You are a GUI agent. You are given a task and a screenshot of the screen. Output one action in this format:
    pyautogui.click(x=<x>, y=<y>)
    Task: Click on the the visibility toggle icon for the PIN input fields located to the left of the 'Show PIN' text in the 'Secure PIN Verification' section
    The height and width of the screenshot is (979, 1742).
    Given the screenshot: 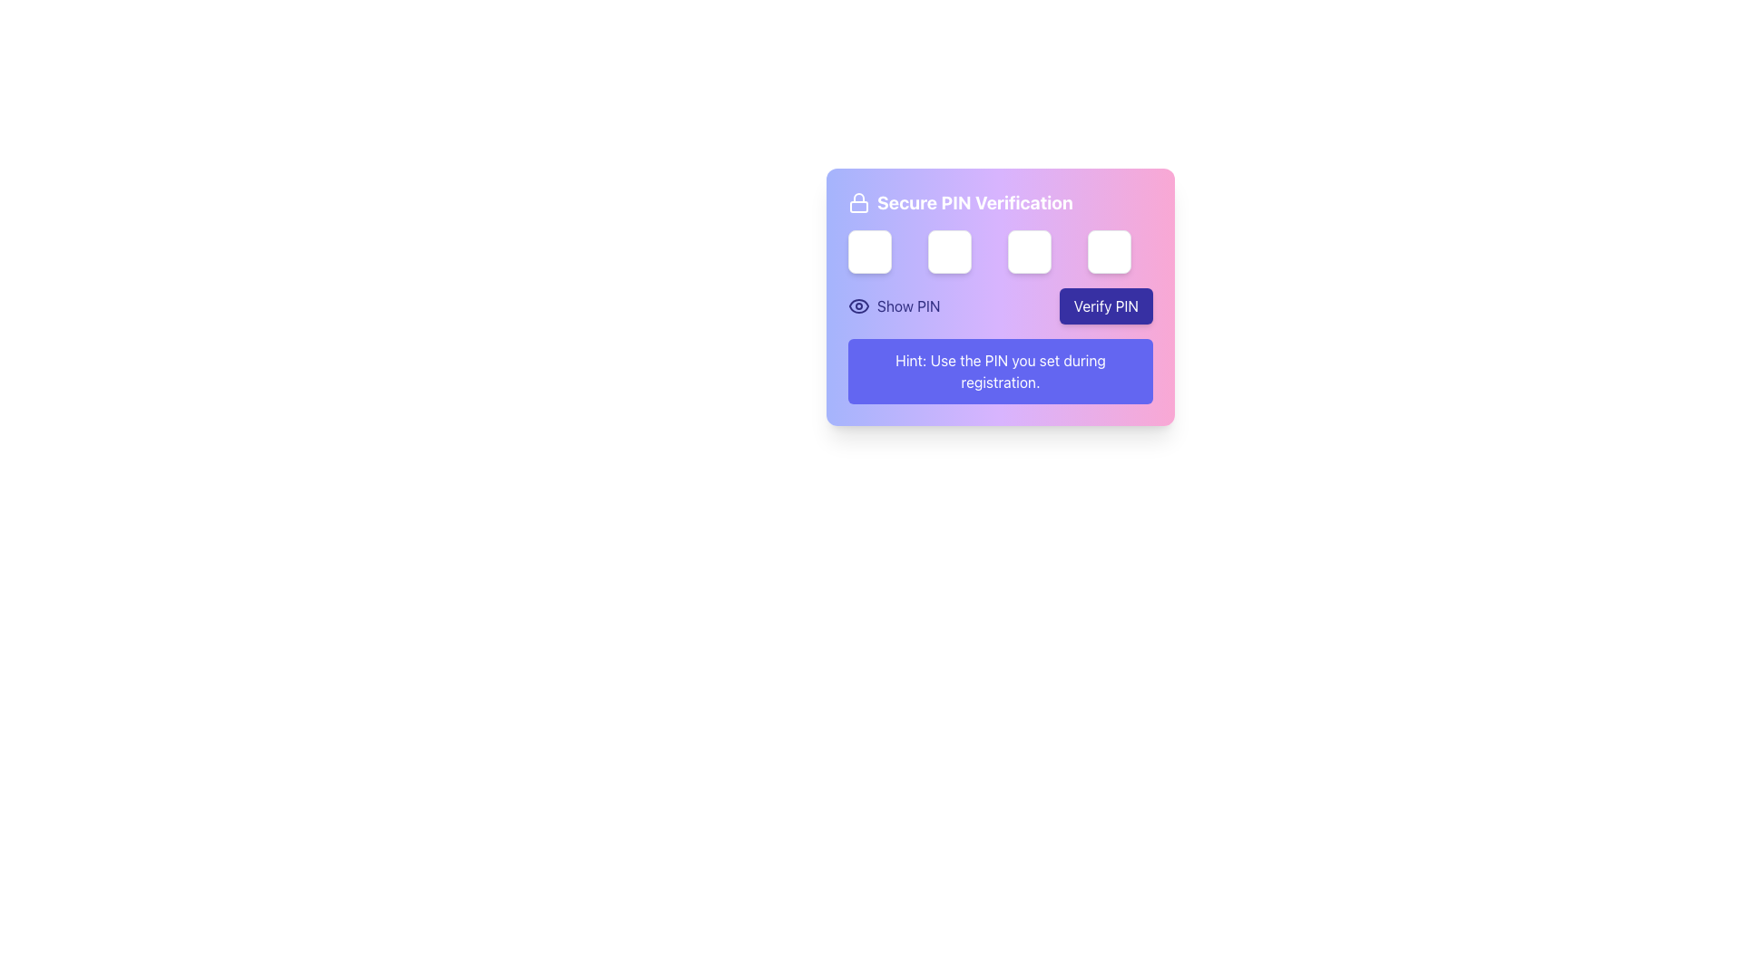 What is the action you would take?
    pyautogui.click(x=857, y=305)
    